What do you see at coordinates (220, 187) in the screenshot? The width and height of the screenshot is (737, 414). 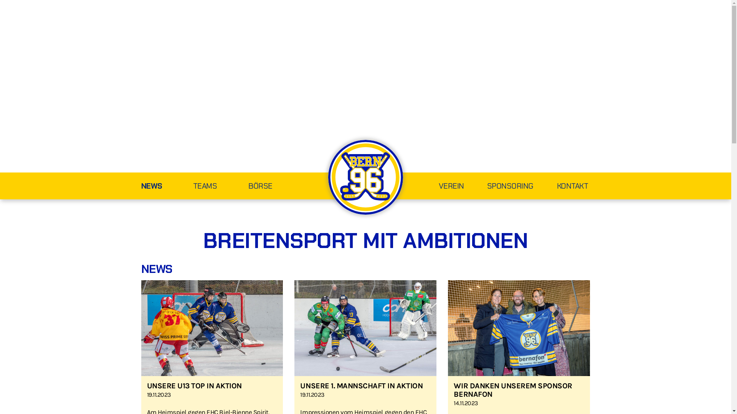 I see `'TEAMS'` at bounding box center [220, 187].